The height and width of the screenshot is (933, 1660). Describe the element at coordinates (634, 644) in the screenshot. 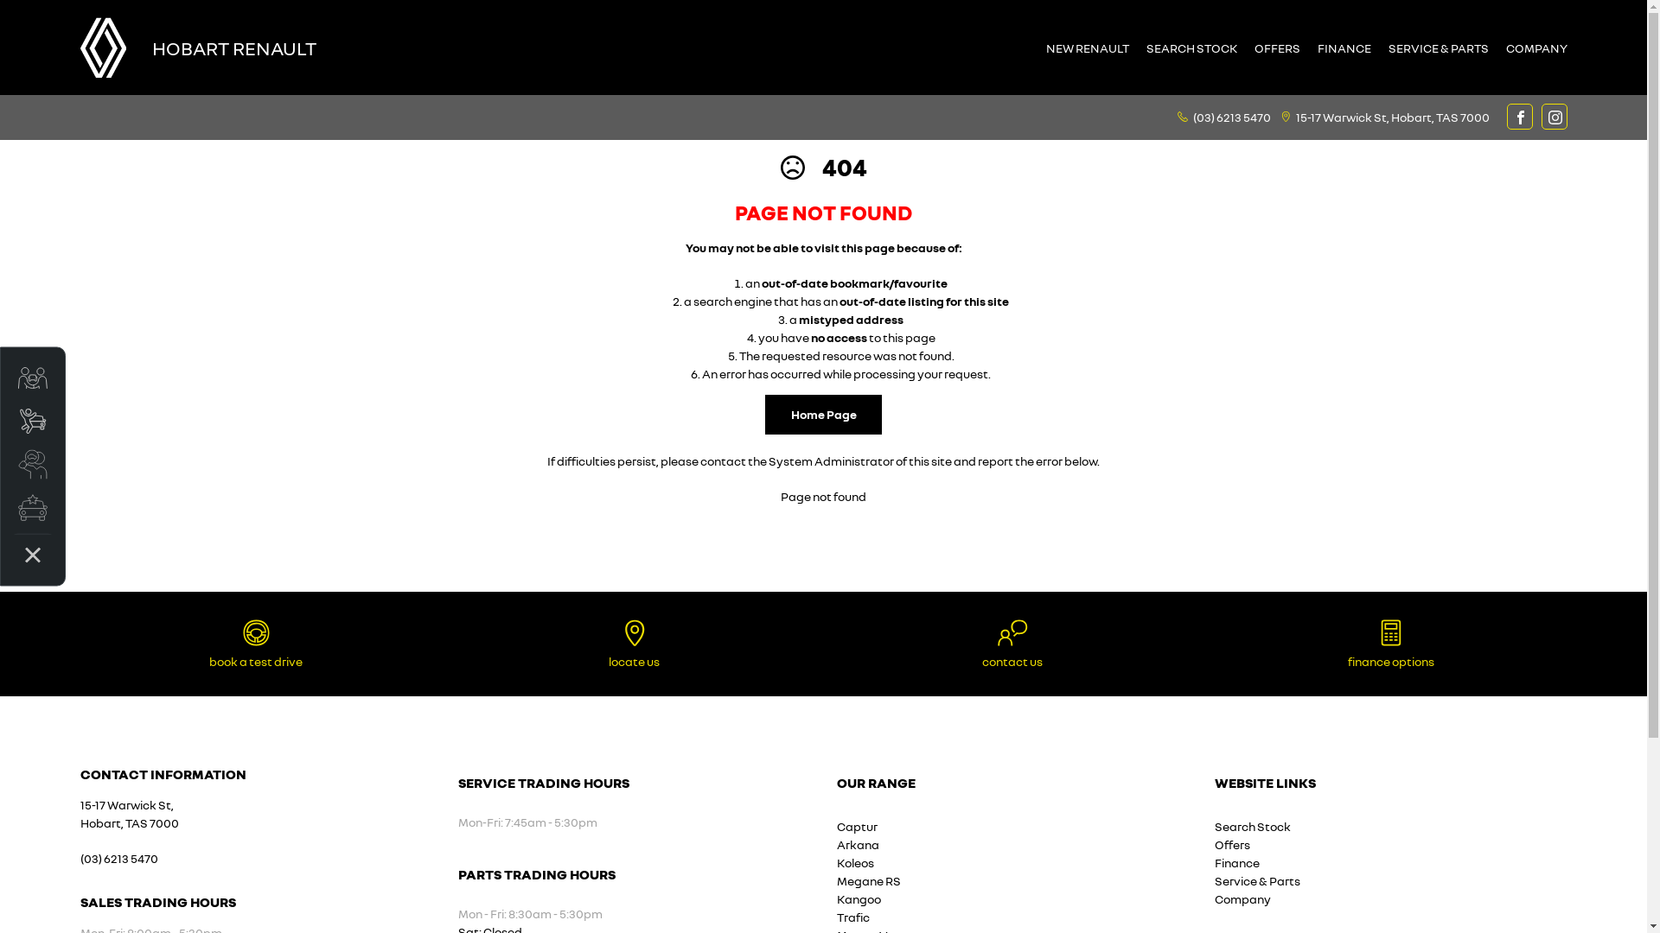

I see `'locate us'` at that location.